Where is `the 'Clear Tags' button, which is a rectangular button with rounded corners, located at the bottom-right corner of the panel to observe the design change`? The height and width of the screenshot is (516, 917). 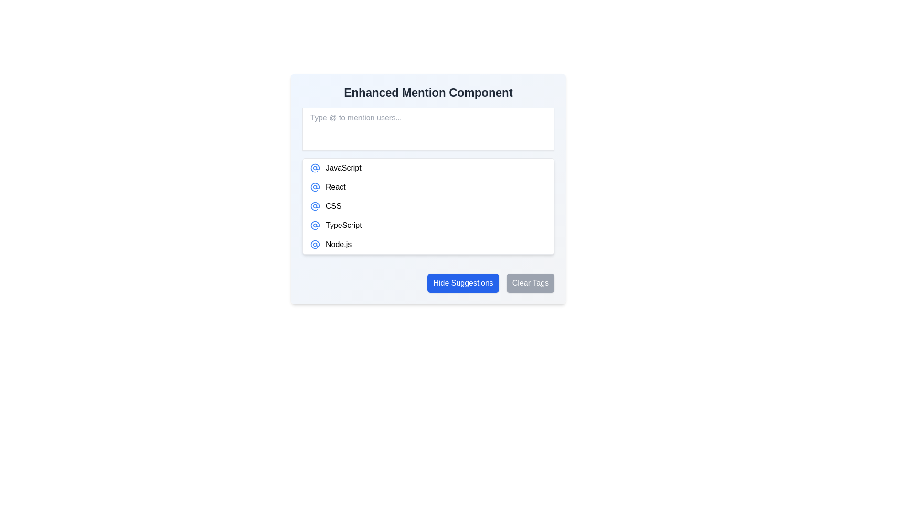 the 'Clear Tags' button, which is a rectangular button with rounded corners, located at the bottom-right corner of the panel to observe the design change is located at coordinates (530, 283).